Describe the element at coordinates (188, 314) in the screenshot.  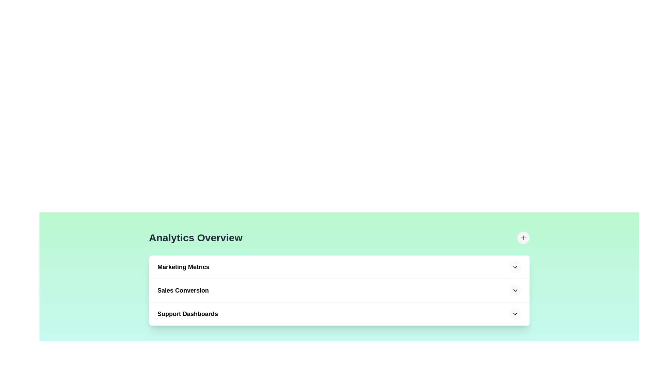
I see `the 'Support Dashboards' text label, which is the third item in the vertical list under 'Analytics Overview', located below 'Sales Conversion'` at that location.